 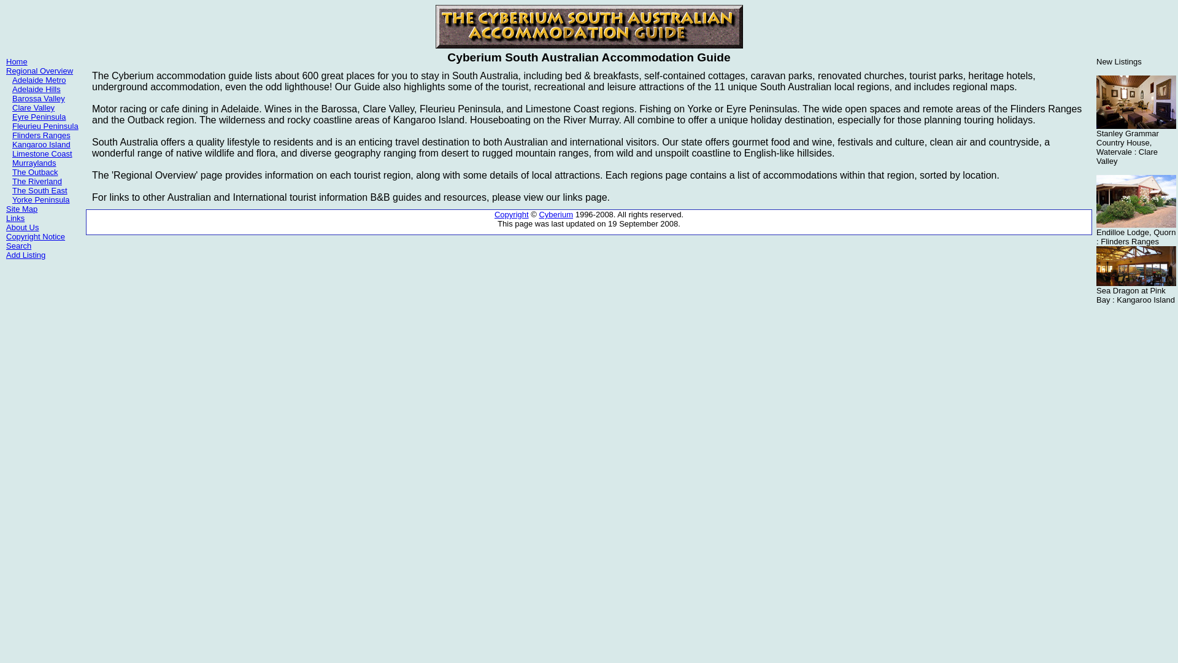 What do you see at coordinates (12, 190) in the screenshot?
I see `'The South East'` at bounding box center [12, 190].